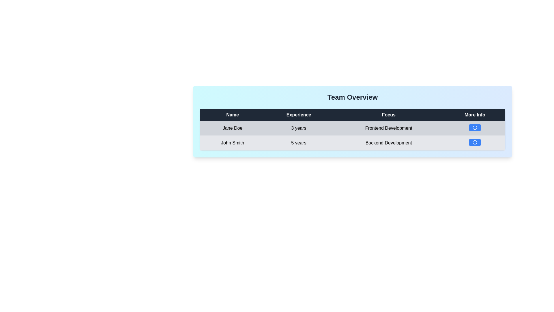  Describe the element at coordinates (389, 128) in the screenshot. I see `the static text element displaying 'Frontend Development' in the table under the 'Focus' header, which is located in the first row and third column of the 'Team Overview'` at that location.